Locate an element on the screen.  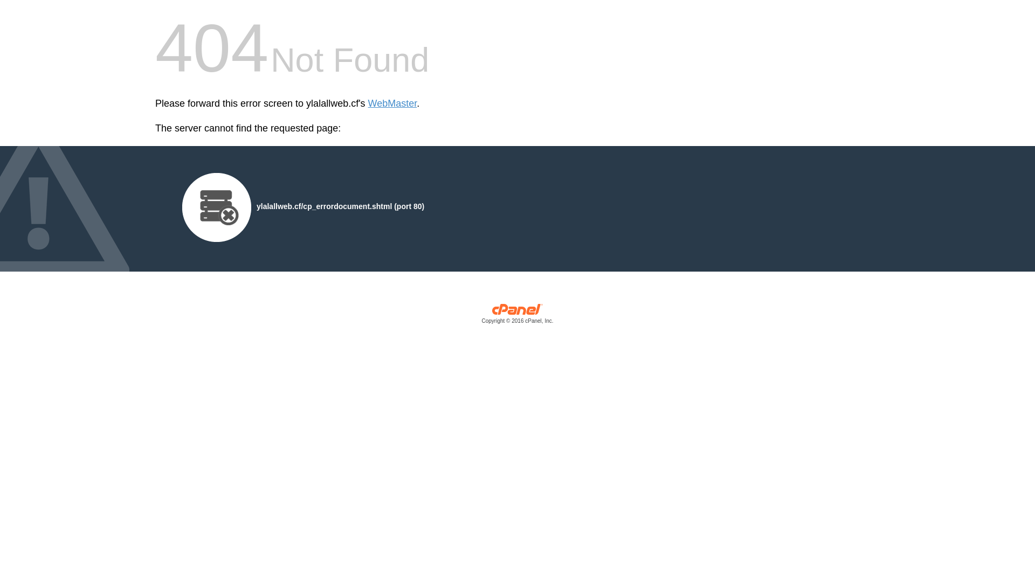
'WebMaster' is located at coordinates (392, 103).